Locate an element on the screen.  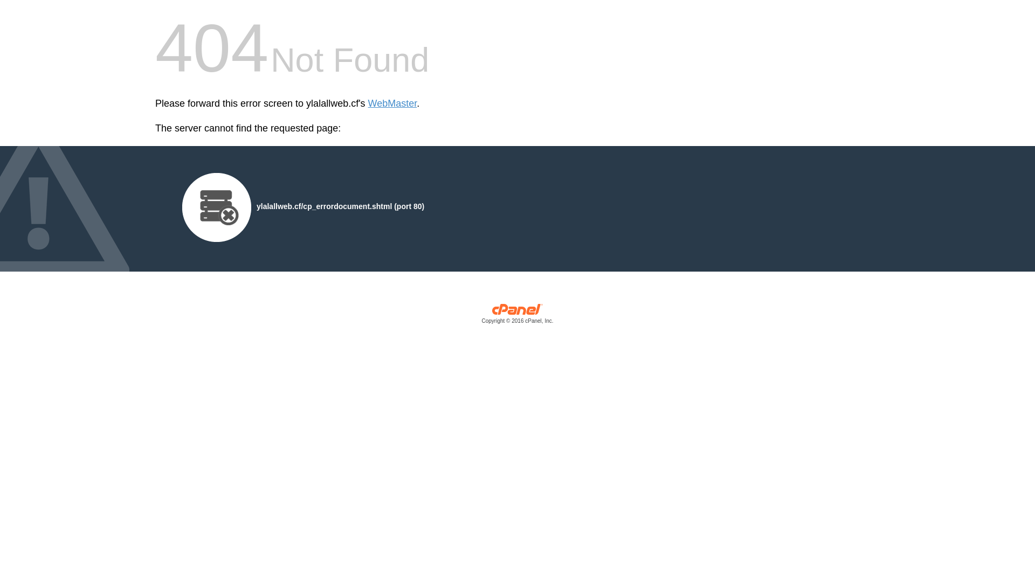
'WebMaster' is located at coordinates (392, 103).